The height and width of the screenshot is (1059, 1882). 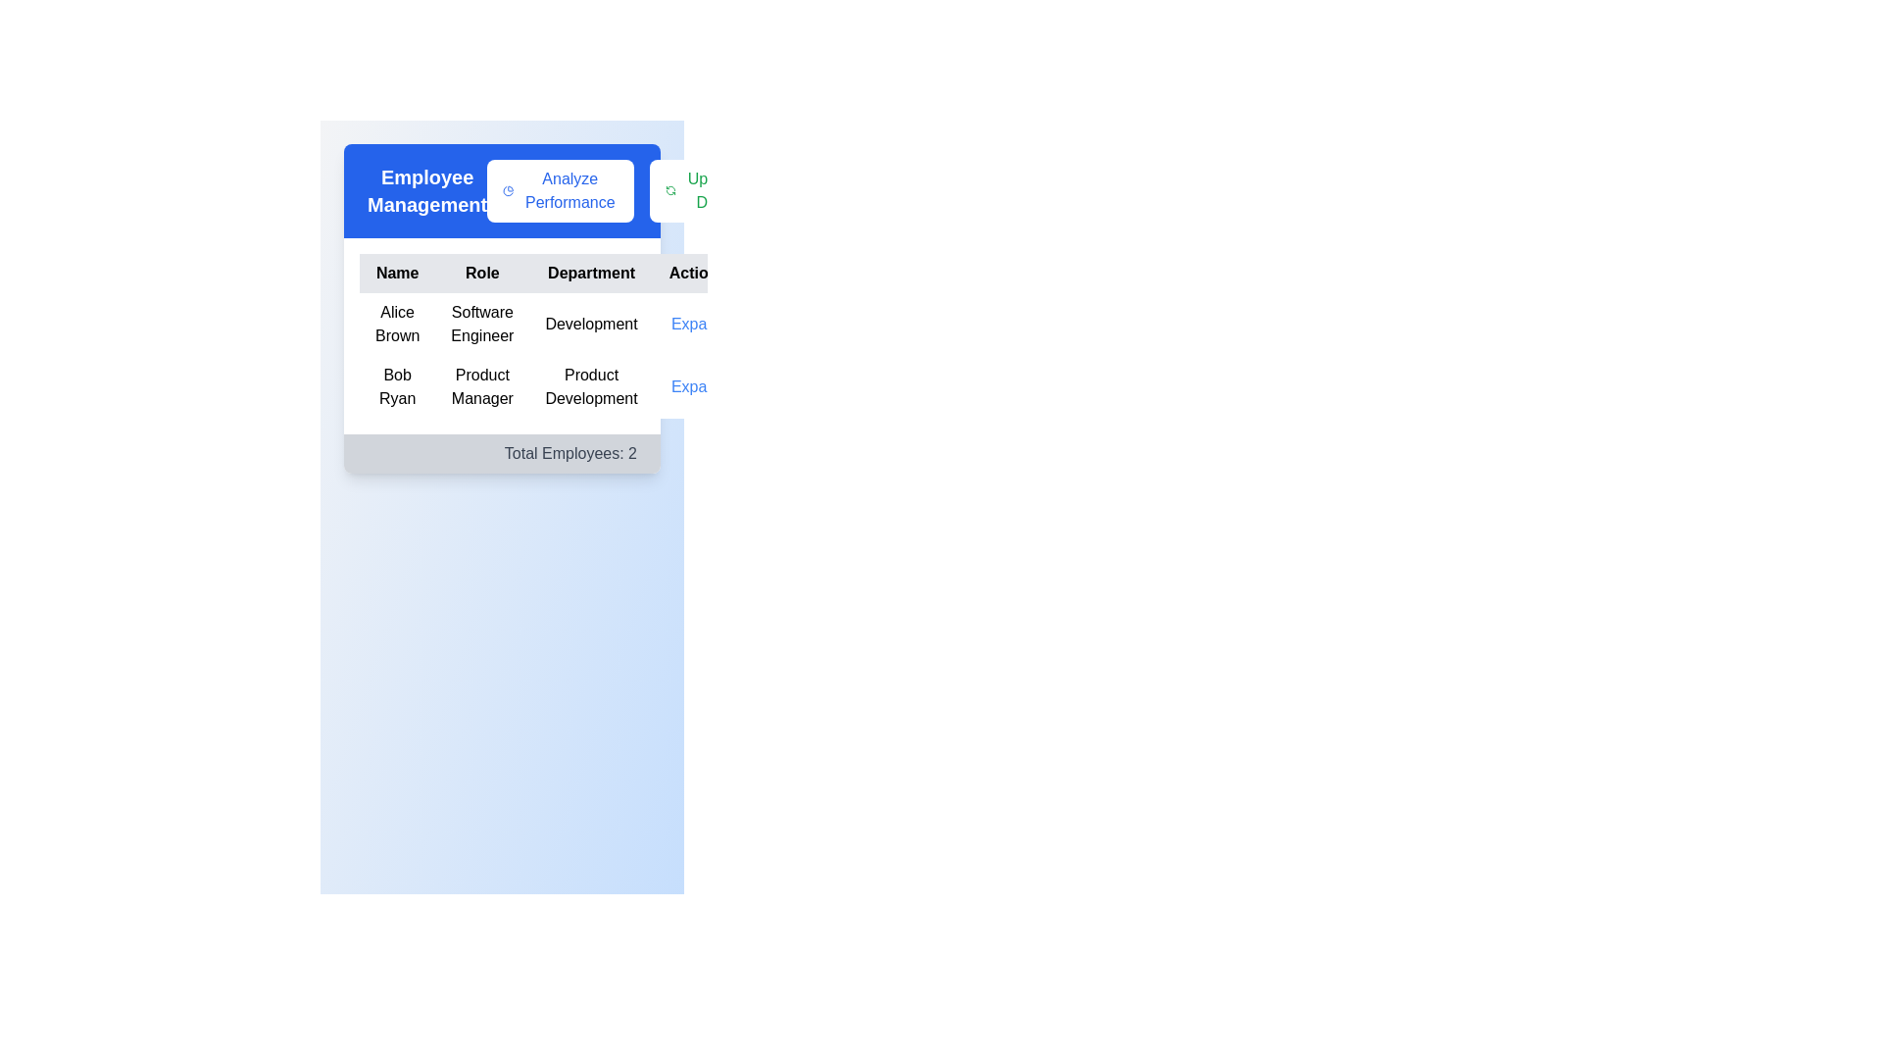 What do you see at coordinates (396, 324) in the screenshot?
I see `the text label displaying 'Alice Brown' located in the upper-left section of the interface, within a white background cell under the 'Name' column of the table` at bounding box center [396, 324].